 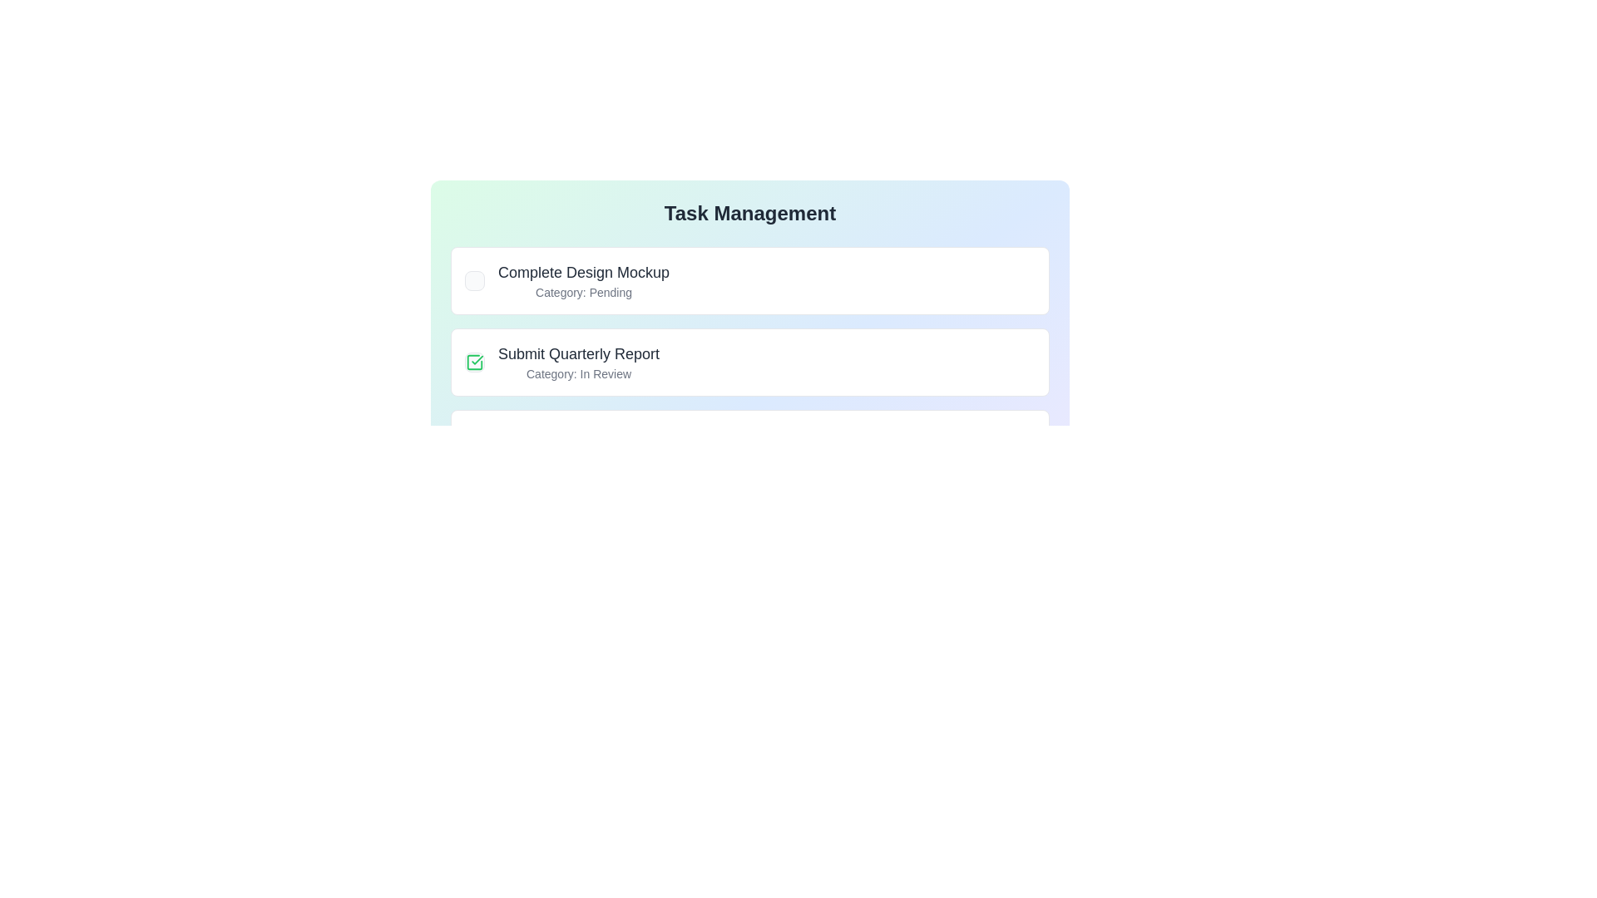 I want to click on the text label displaying 'Complete Design Mockup' and 'Category: Pending' for further interaction, so click(x=584, y=280).